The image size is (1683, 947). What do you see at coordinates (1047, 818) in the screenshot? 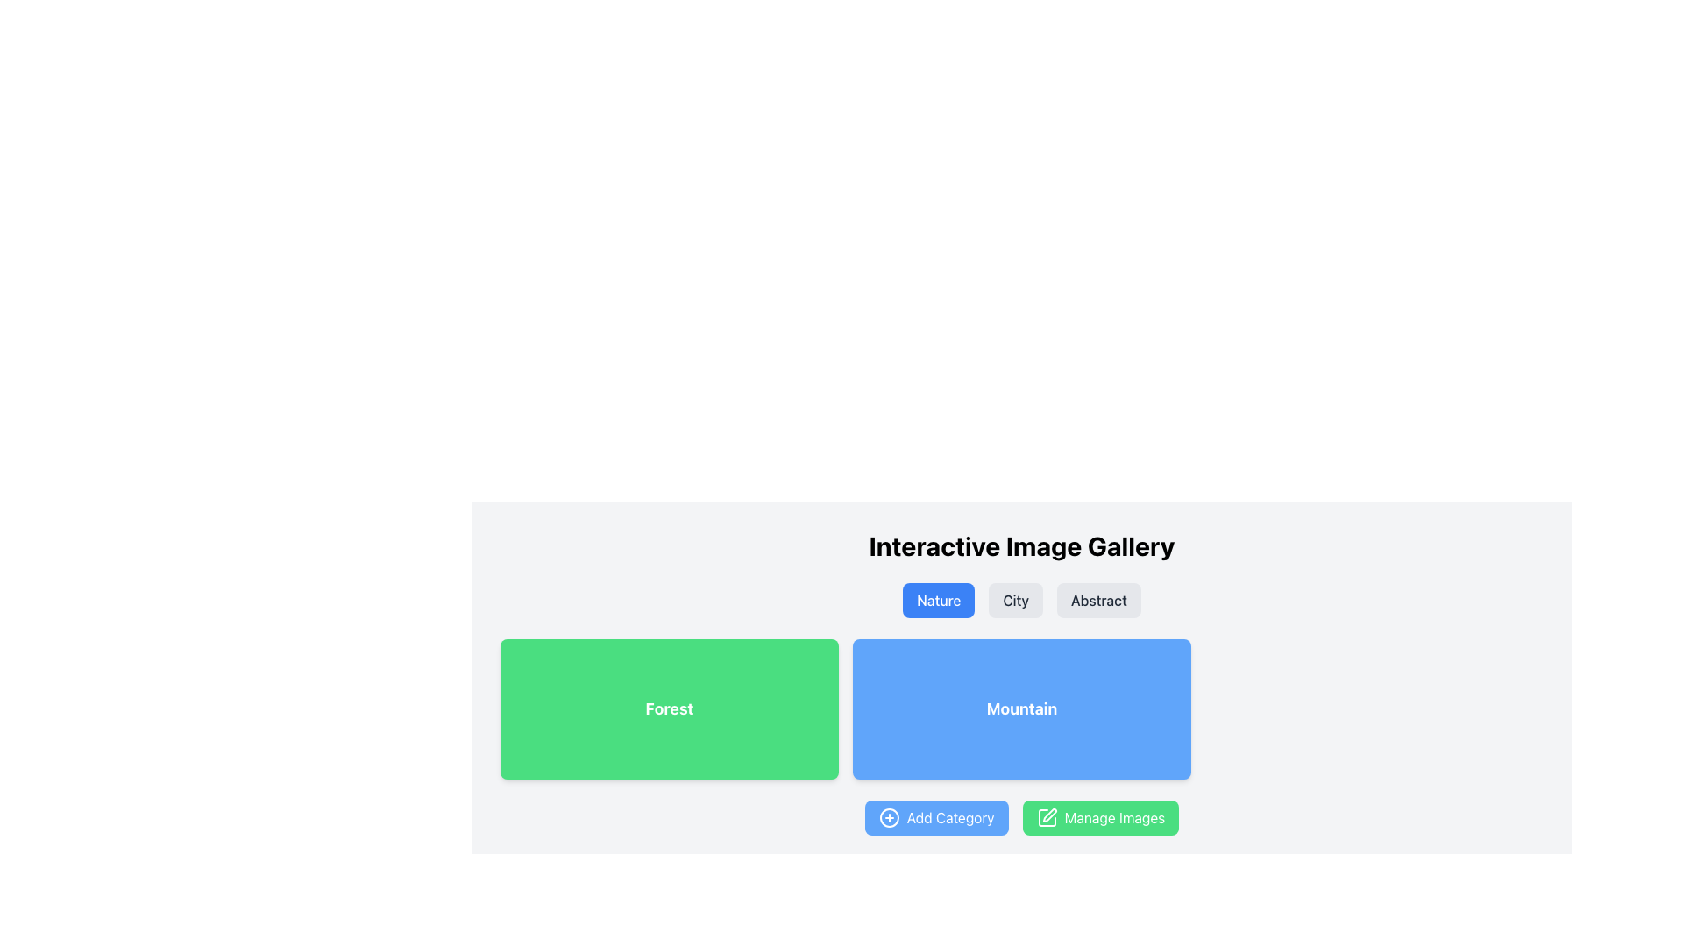
I see `the edit/manage images icon located inside the green 'Manage Images' button to initiate its action` at bounding box center [1047, 818].